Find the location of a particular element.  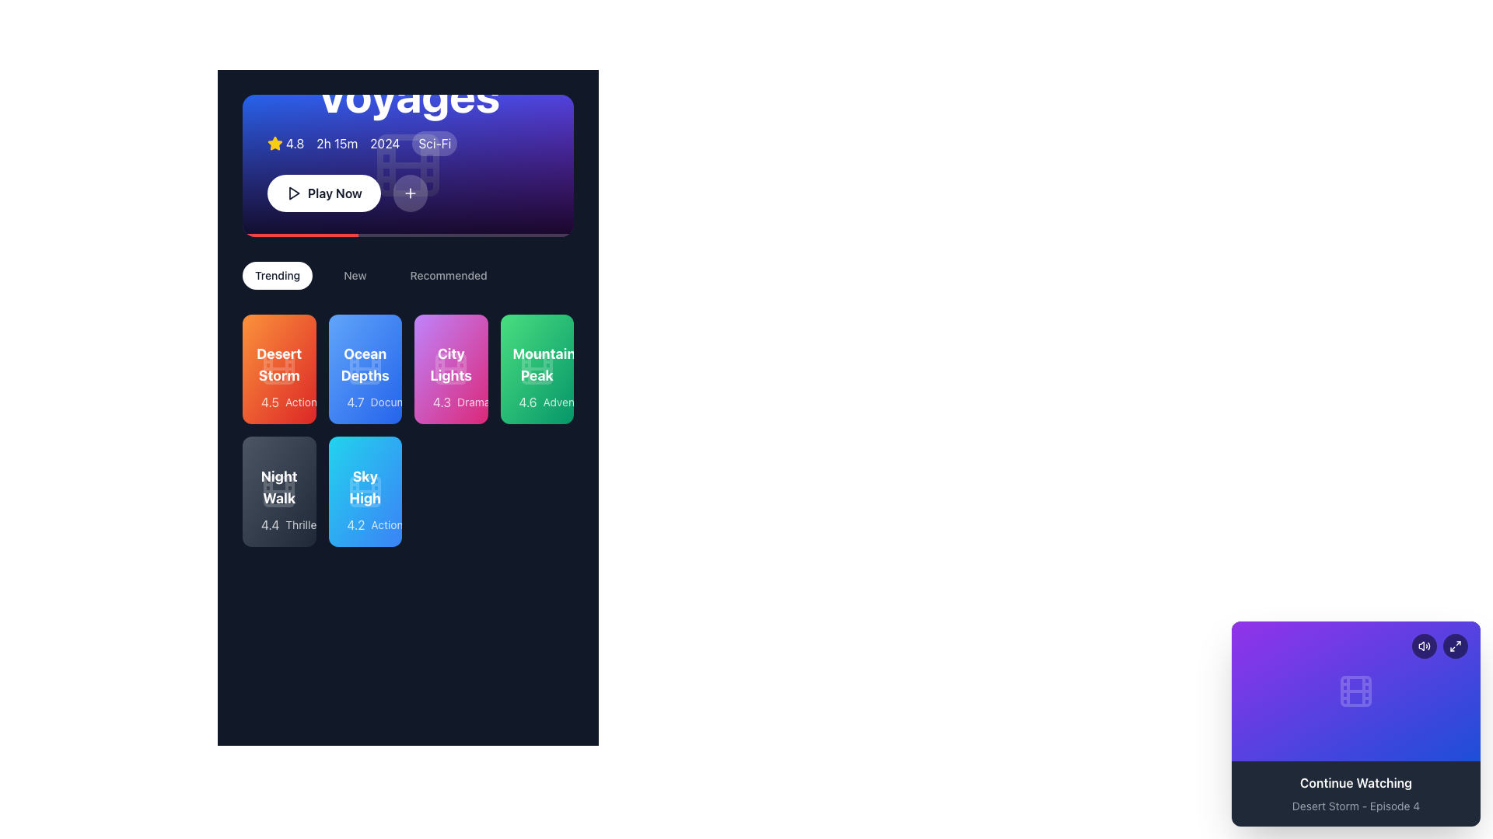

text value displayed in the rating section of the 'Desert Storm' card, which is located beside a yellow star icon and above the word 'Action' is located at coordinates (270, 402).